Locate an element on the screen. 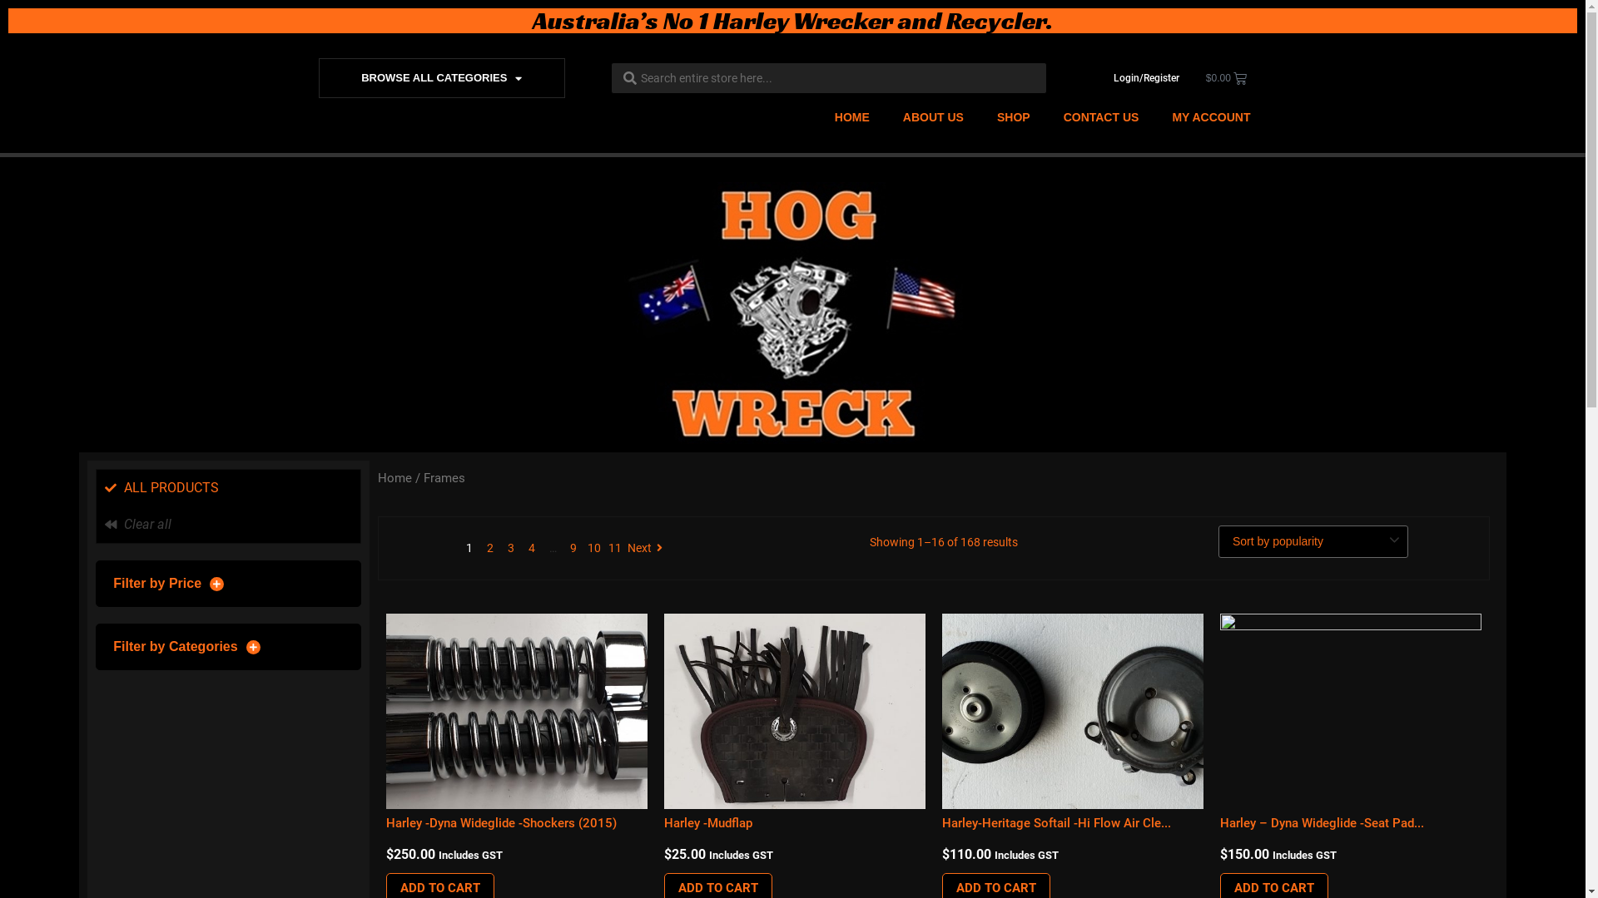 This screenshot has height=898, width=1598. 'Harley -Mudflap' is located at coordinates (707, 823).